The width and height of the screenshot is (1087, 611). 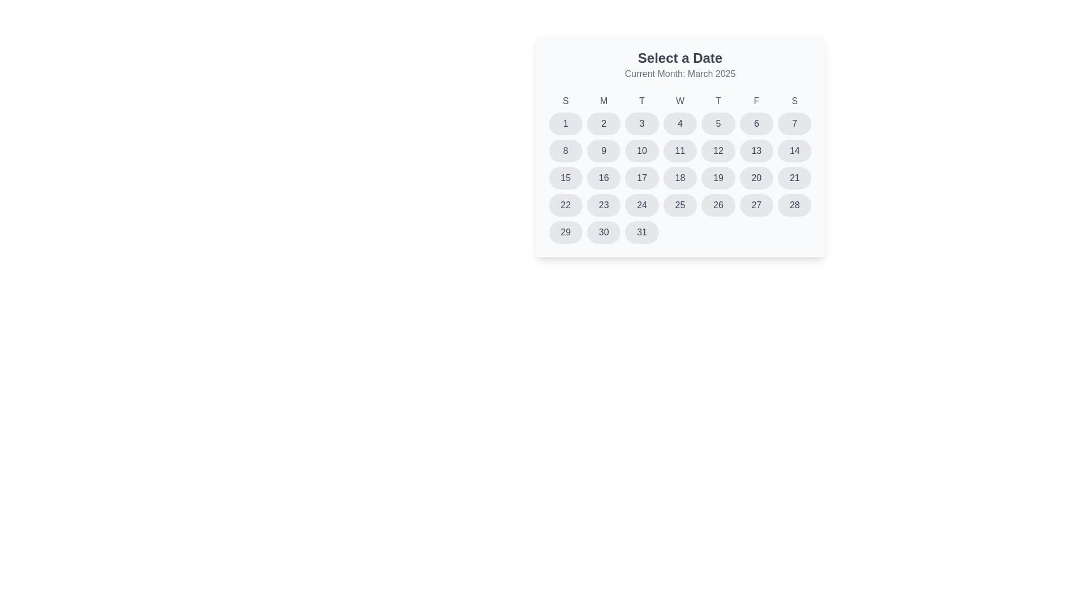 What do you see at coordinates (717, 150) in the screenshot?
I see `the button representing the 12th day in the calendar` at bounding box center [717, 150].